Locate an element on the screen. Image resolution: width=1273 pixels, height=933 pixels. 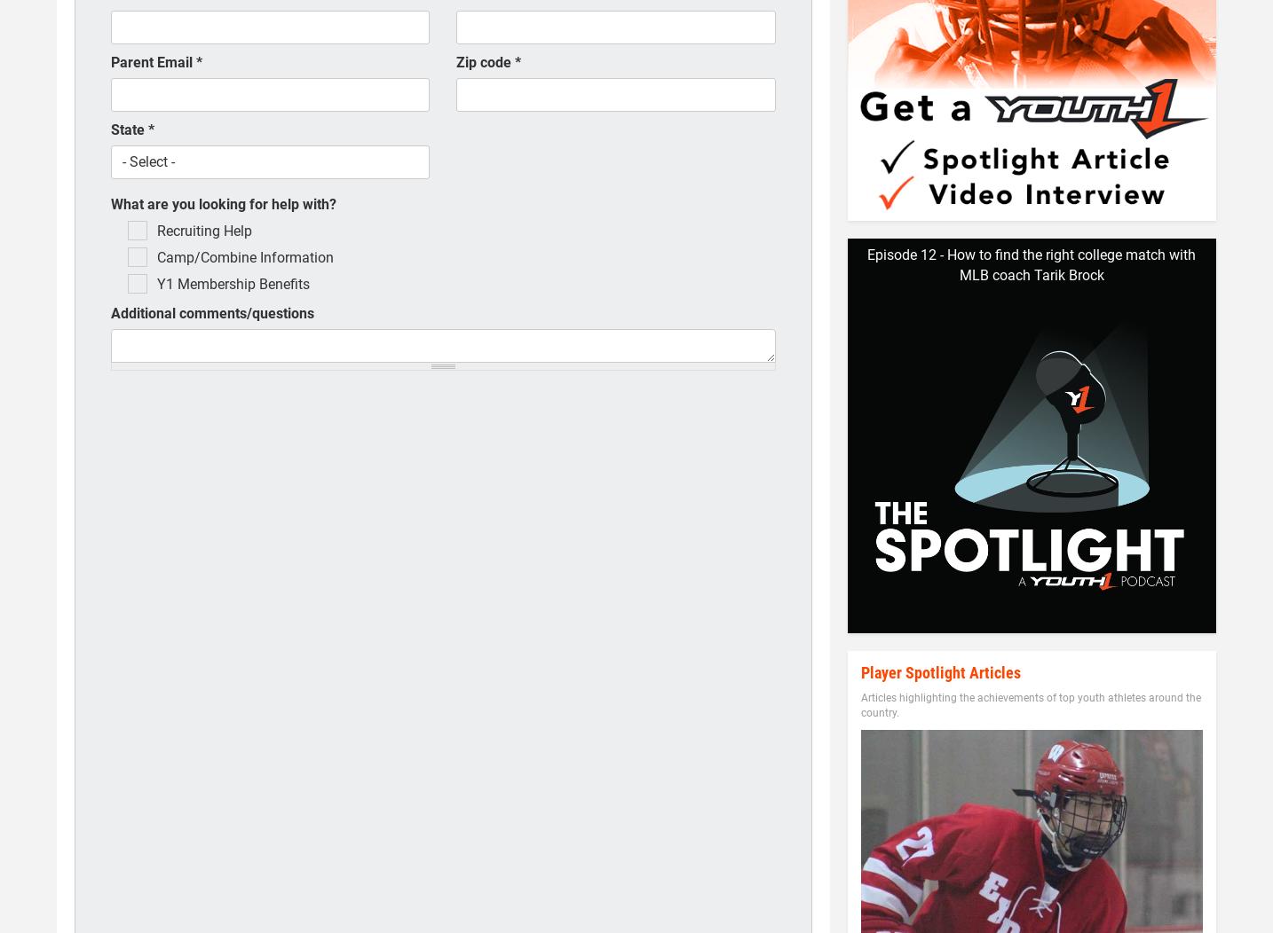
'Zip code' is located at coordinates (485, 61).